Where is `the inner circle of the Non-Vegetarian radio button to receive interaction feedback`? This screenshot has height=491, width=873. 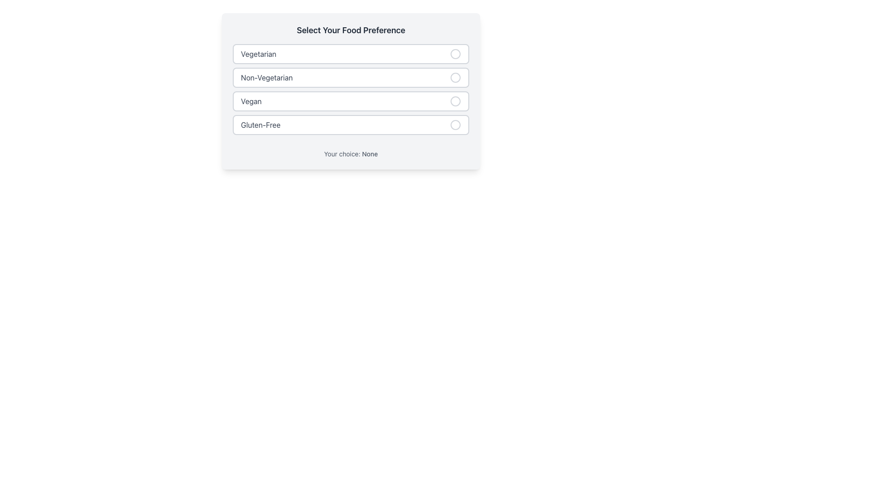
the inner circle of the Non-Vegetarian radio button to receive interaction feedback is located at coordinates (456, 77).